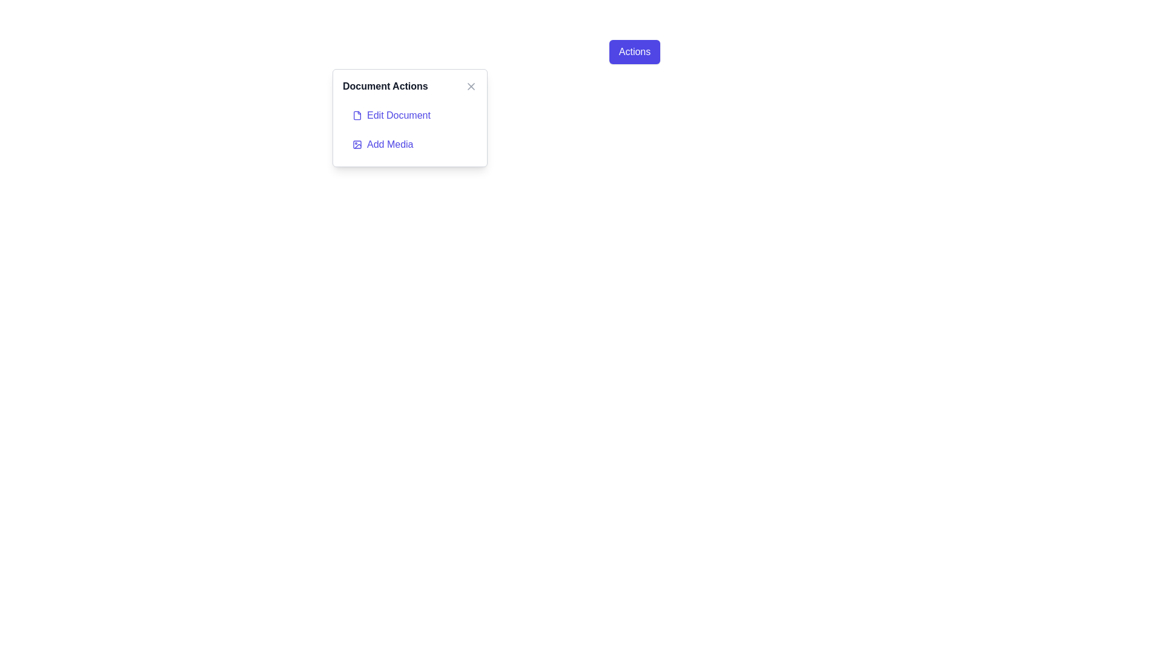  Describe the element at coordinates (409, 85) in the screenshot. I see `title of the header labeled 'Document Actions', which is styled in bold, dark gray font and is located at the top of the dropdown menu panel` at that location.